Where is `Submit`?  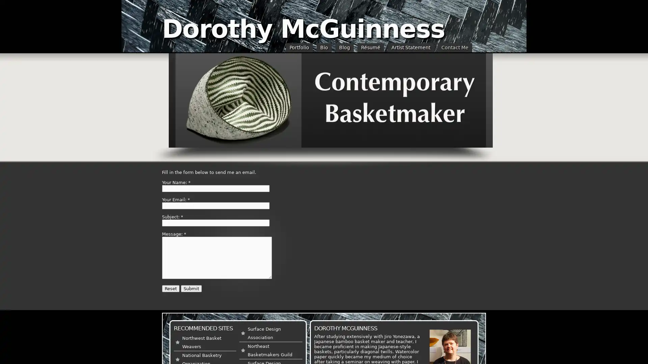 Submit is located at coordinates (191, 288).